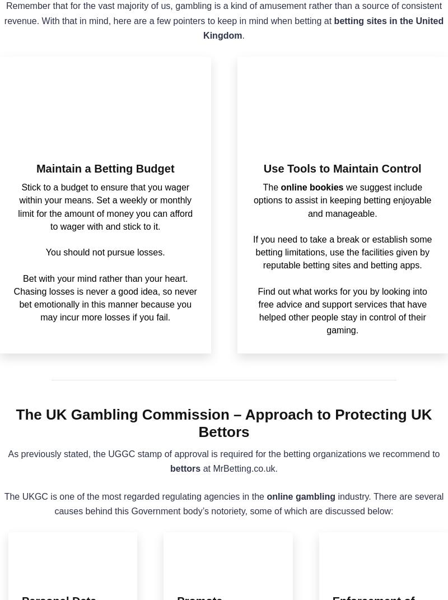 This screenshot has height=600, width=448. I want to click on 'Use Tools to Maintain Control', so click(342, 168).